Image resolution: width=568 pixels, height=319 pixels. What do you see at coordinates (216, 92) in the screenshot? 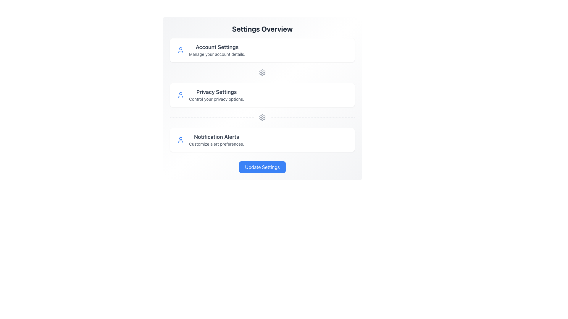
I see `the header title for the privacy-related settings section, which is the second entry in the 'Settings Overview' list, located beneath 'Account Settings'` at bounding box center [216, 92].